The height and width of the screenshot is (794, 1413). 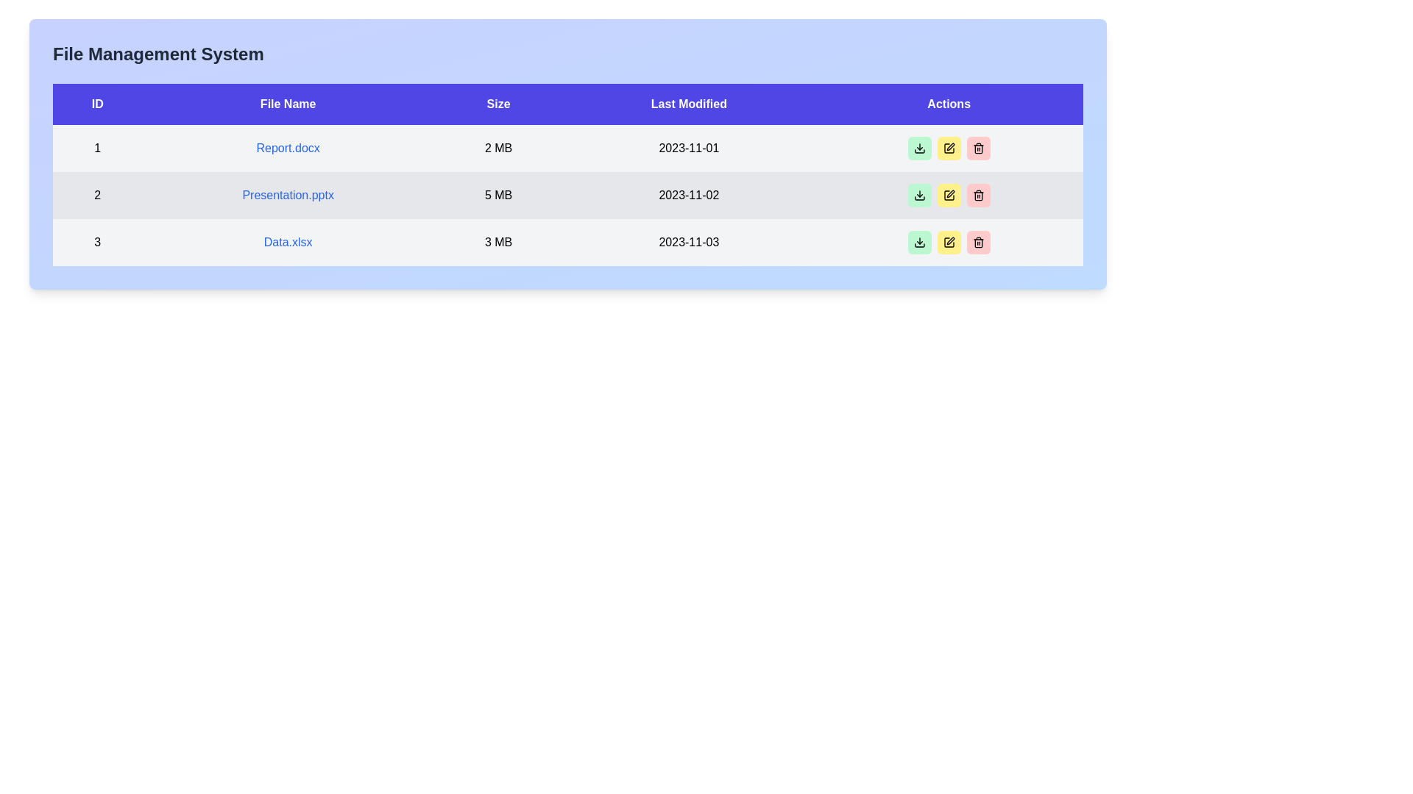 What do you see at coordinates (498, 148) in the screenshot?
I see `the text display showing '2 MB' in the 'Size' column of the table for the file 'Report.docx'` at bounding box center [498, 148].